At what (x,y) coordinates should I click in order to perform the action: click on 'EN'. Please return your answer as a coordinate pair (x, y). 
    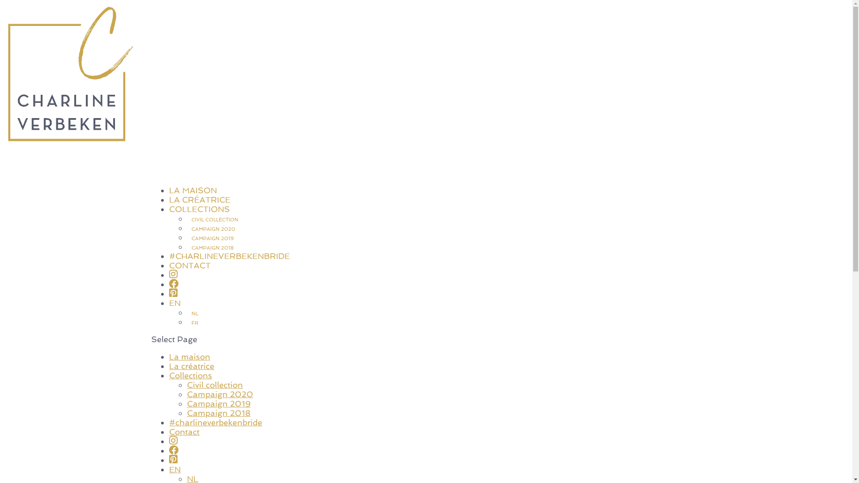
    Looking at the image, I should click on (174, 469).